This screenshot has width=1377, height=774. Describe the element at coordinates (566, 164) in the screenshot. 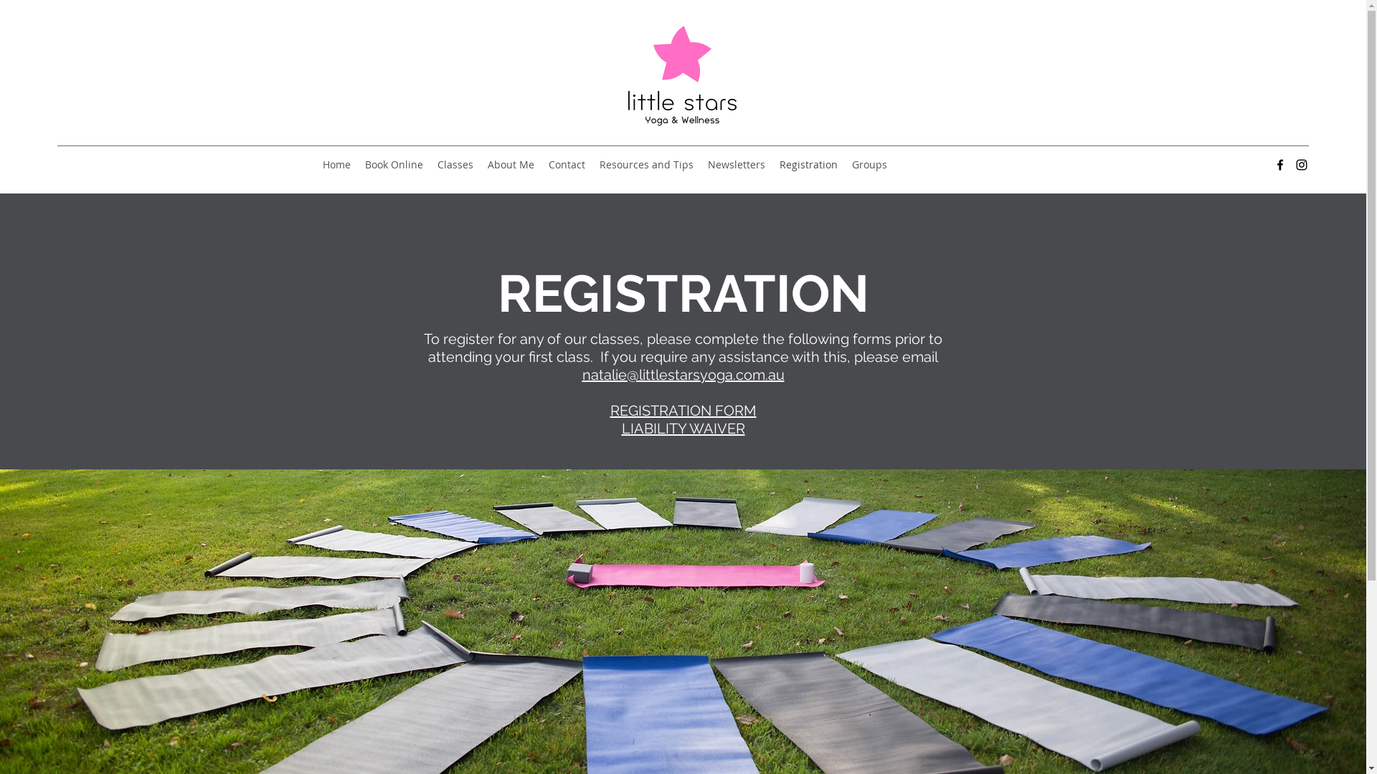

I see `'Contact'` at that location.